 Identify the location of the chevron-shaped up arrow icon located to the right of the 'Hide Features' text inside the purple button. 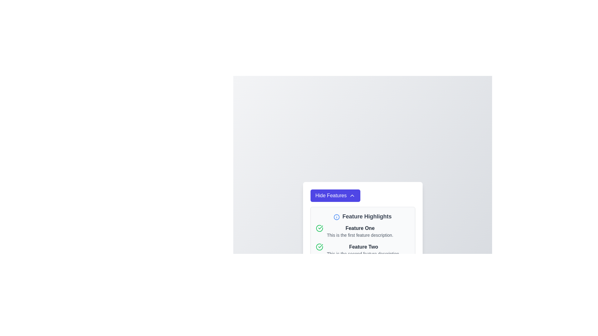
(352, 195).